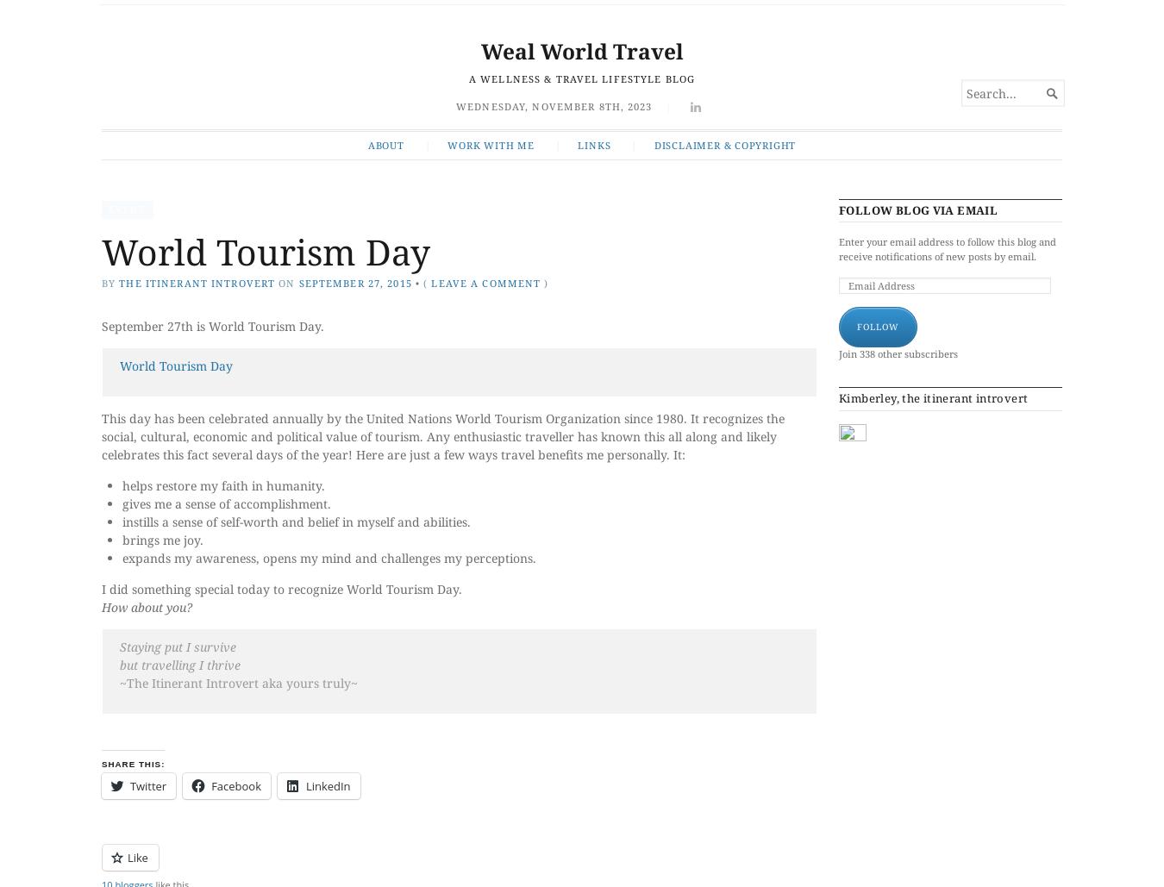  Describe the element at coordinates (856, 324) in the screenshot. I see `'Follow'` at that location.